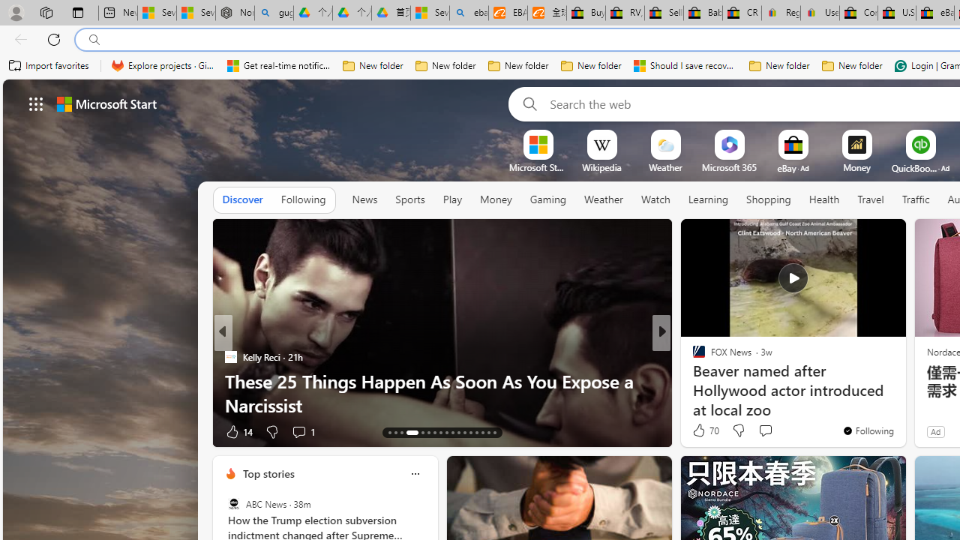  Describe the element at coordinates (482, 433) in the screenshot. I see `'AutomationID: tab-33'` at that location.